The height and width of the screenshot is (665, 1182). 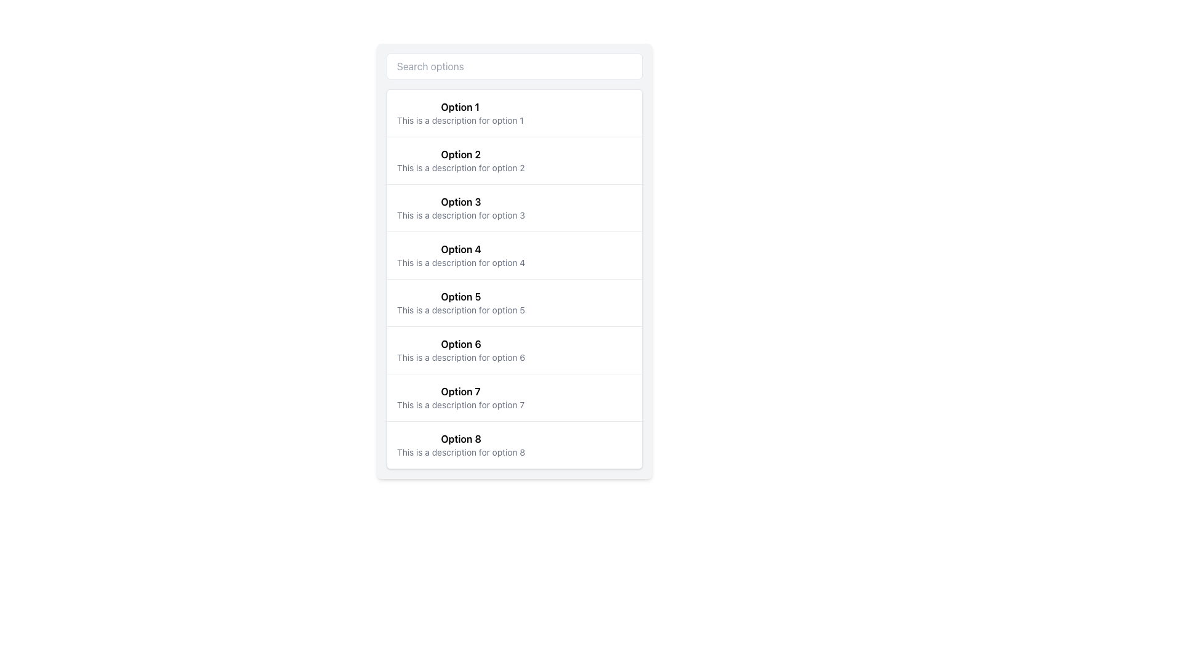 What do you see at coordinates (460, 262) in the screenshot?
I see `the static text element providing additional information about 'Option 4', located beneath the bolded label in the fourth item of the vertical list` at bounding box center [460, 262].